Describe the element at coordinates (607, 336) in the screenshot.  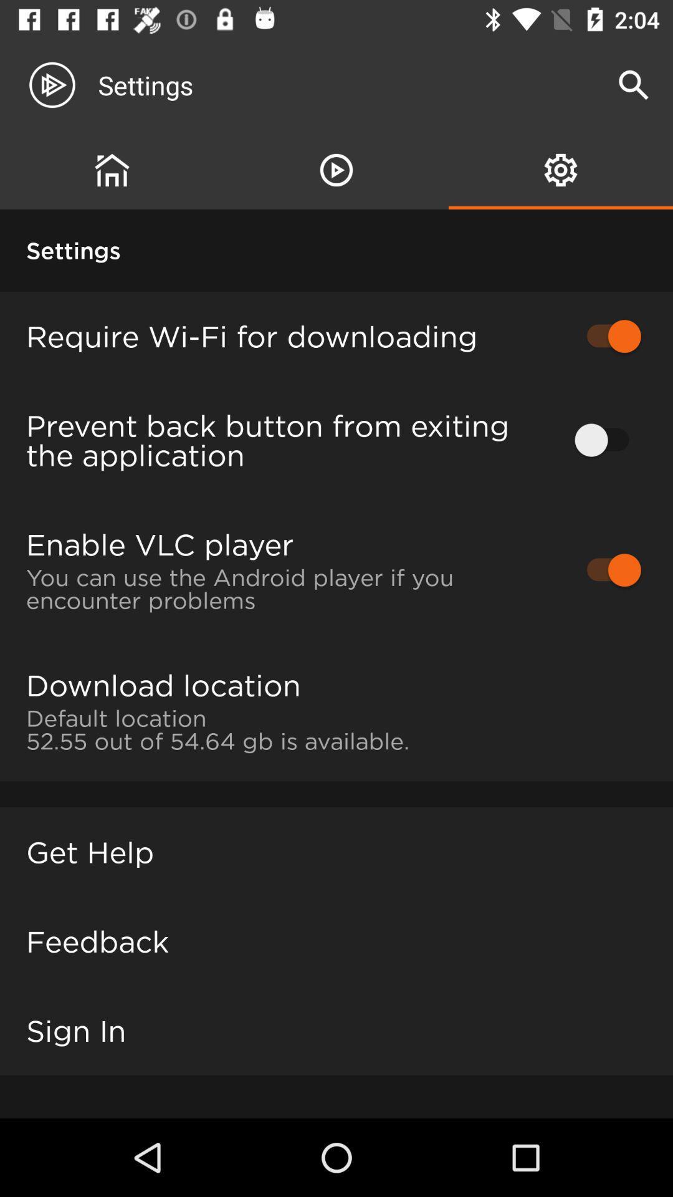
I see `the item next to the require wi fi` at that location.